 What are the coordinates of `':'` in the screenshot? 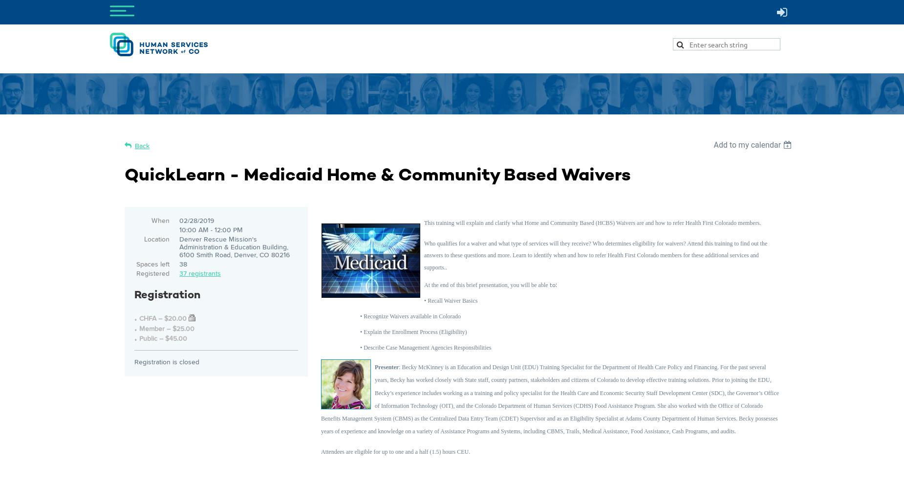 It's located at (400, 367).